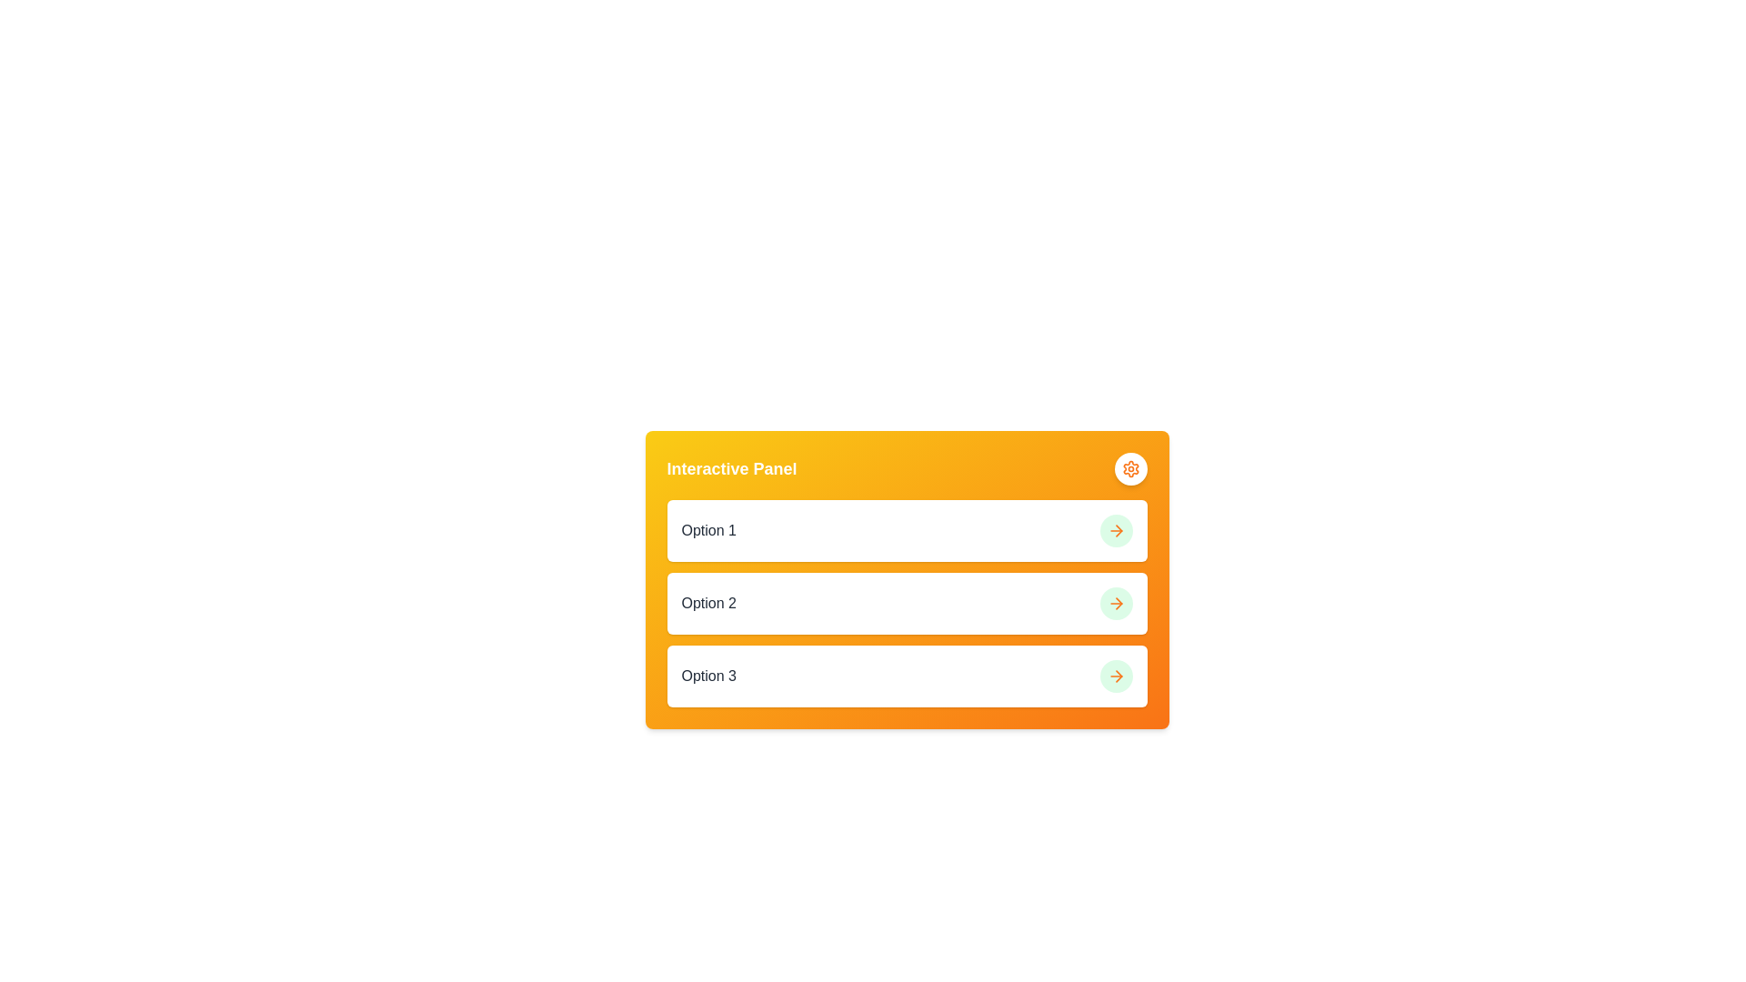 The width and height of the screenshot is (1746, 982). I want to click on the circular green button with an orange arrow icon on the right side of the 'Option 1' row, so click(1115, 530).